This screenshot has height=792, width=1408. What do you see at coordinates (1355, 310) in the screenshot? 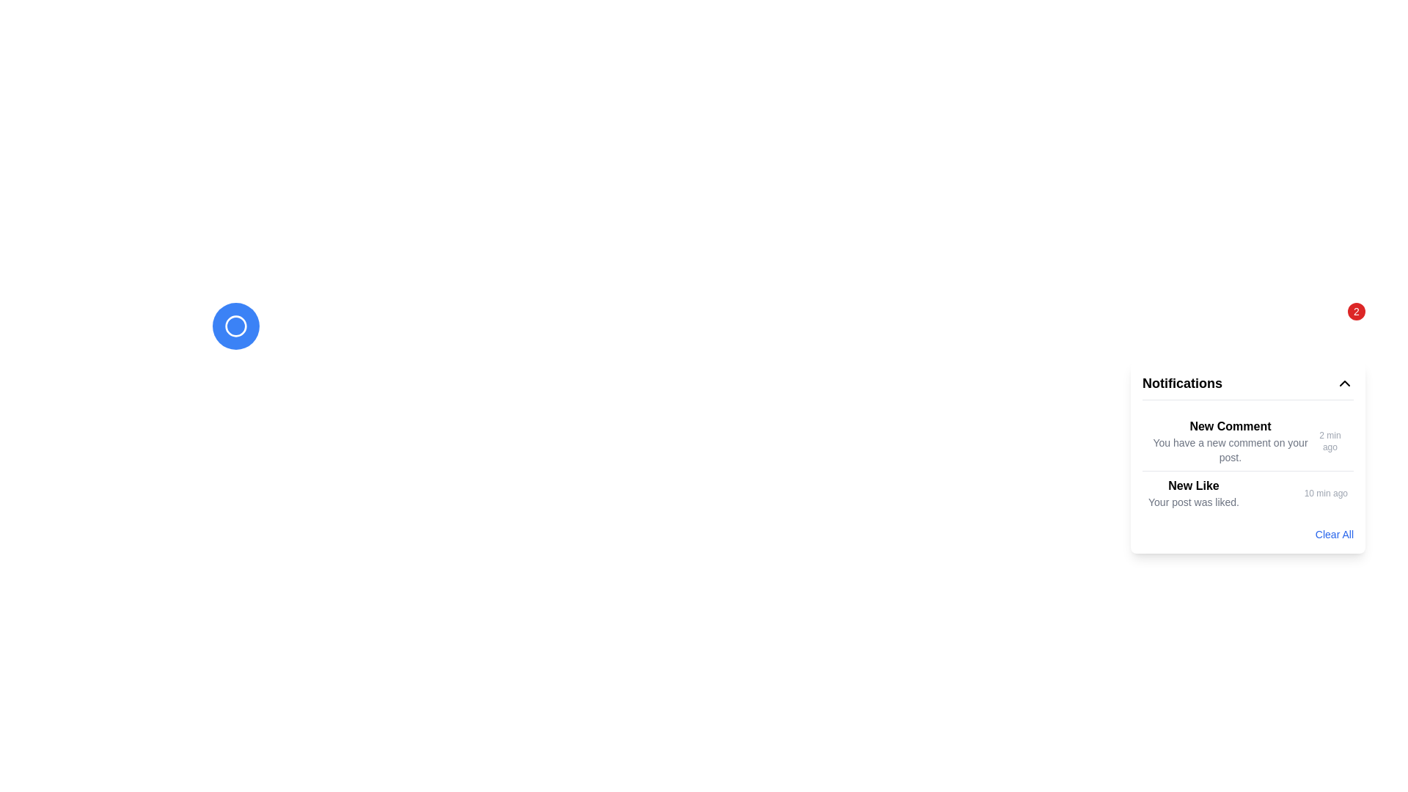
I see `the Notification Badge located at the top-right corner of the notification panel, which indicates two unread notifications` at bounding box center [1355, 310].